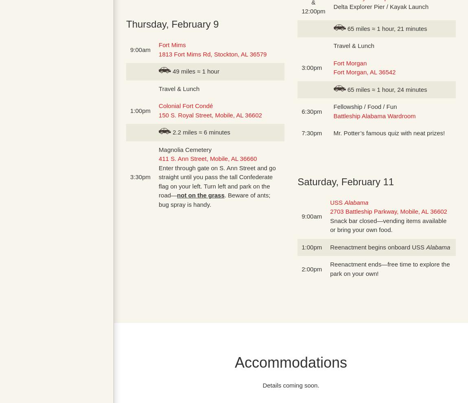 This screenshot has height=403, width=468. What do you see at coordinates (158, 158) in the screenshot?
I see `'411 S. Ann Street, Mobile, AL 36660'` at bounding box center [158, 158].